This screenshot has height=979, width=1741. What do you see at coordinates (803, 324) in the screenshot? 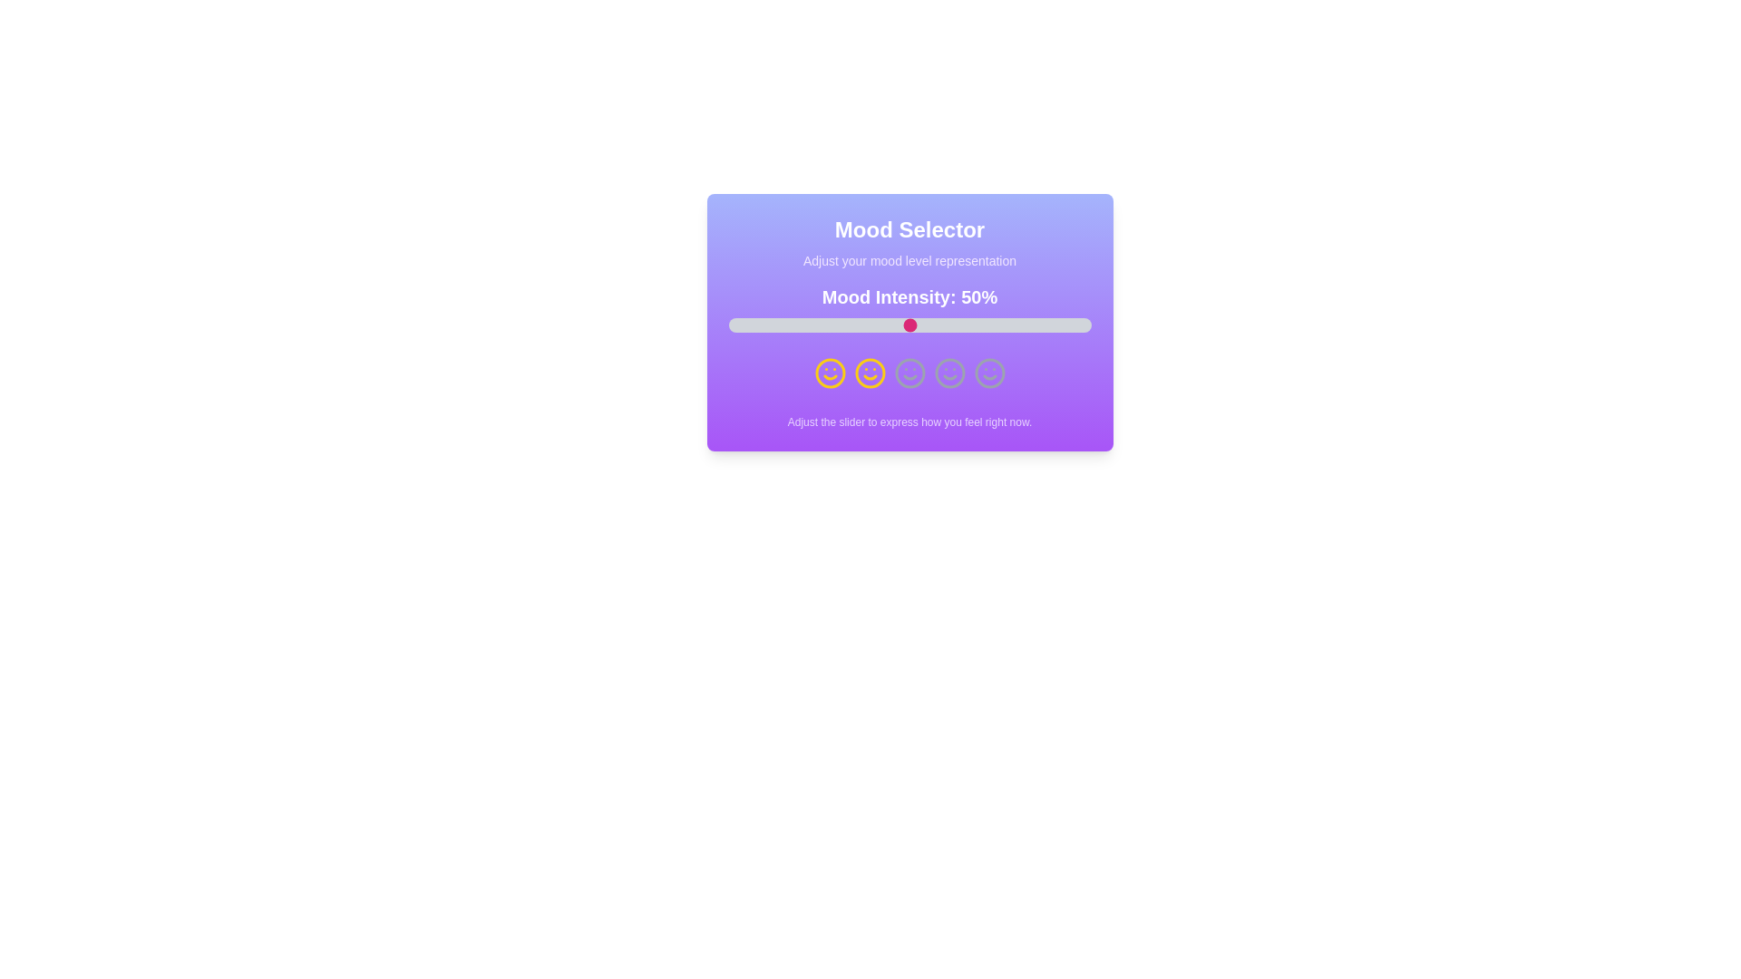
I see `the slider to set mood intensity to 21%` at bounding box center [803, 324].